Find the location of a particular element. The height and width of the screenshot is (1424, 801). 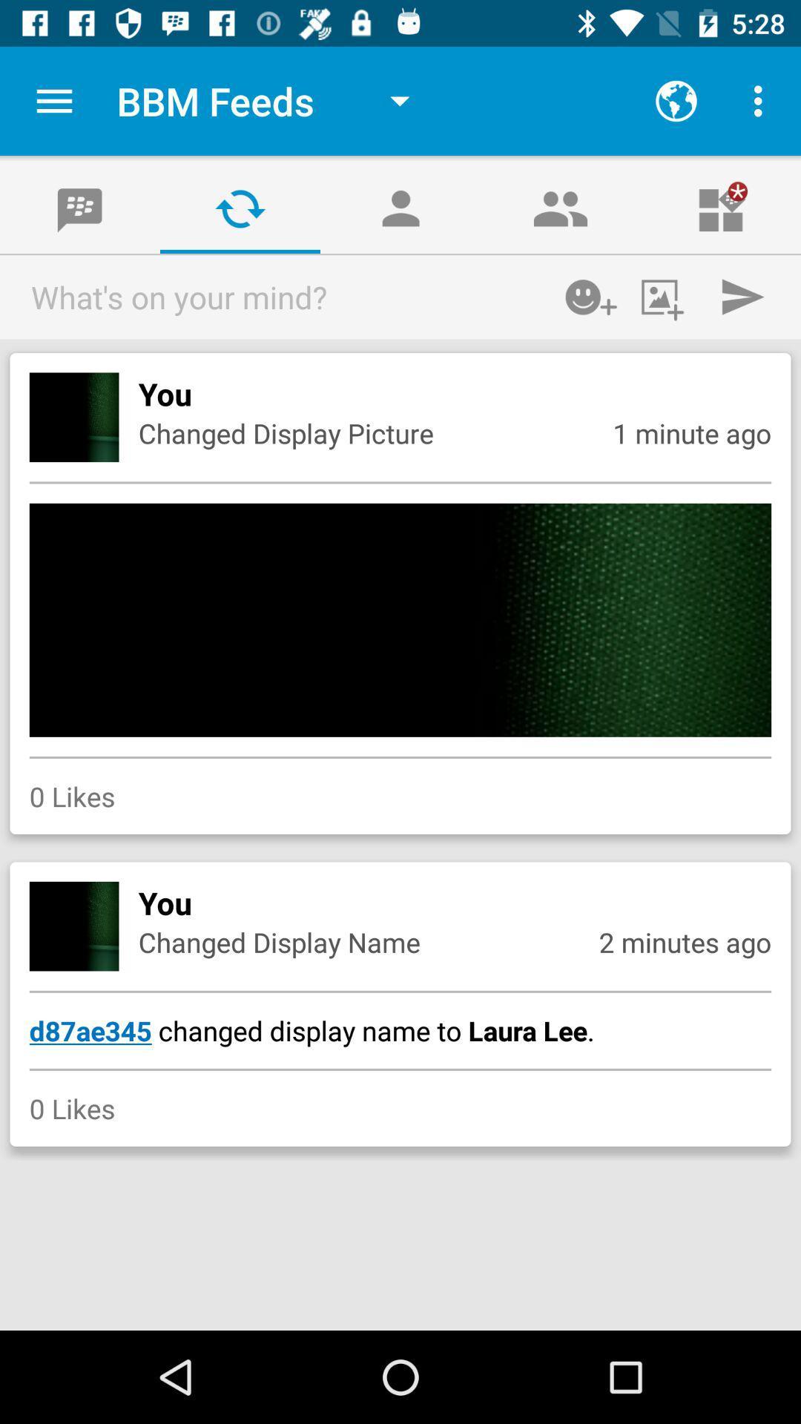

the avatar icon is located at coordinates (400, 208).